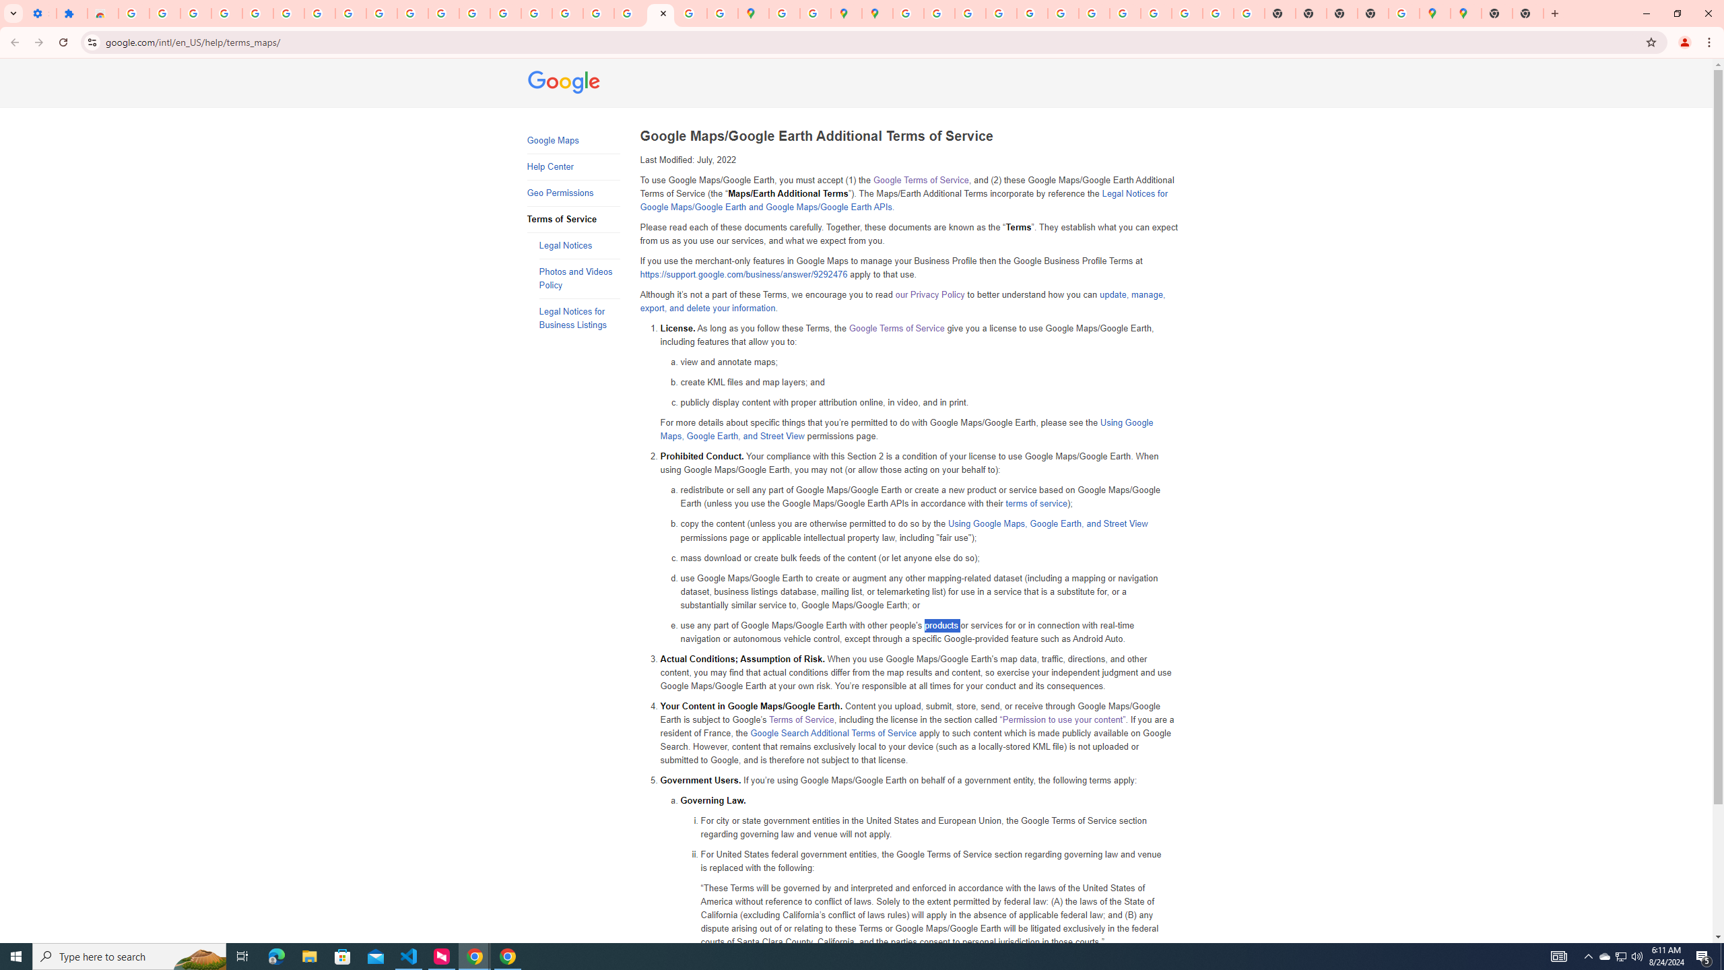  Describe the element at coordinates (412, 13) in the screenshot. I see `'YouTube'` at that location.